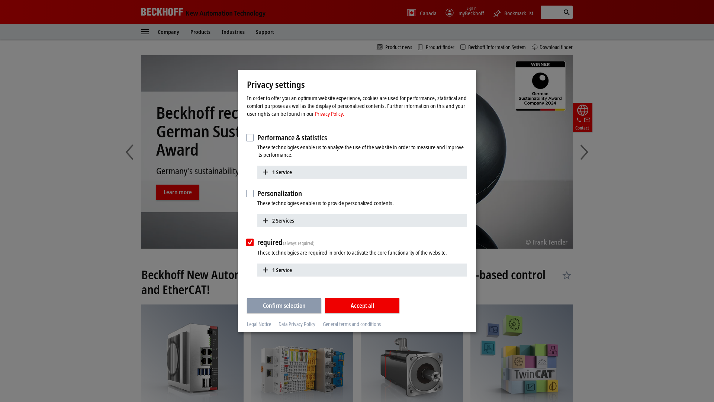  What do you see at coordinates (362, 220) in the screenshot?
I see `'2 Services'` at bounding box center [362, 220].